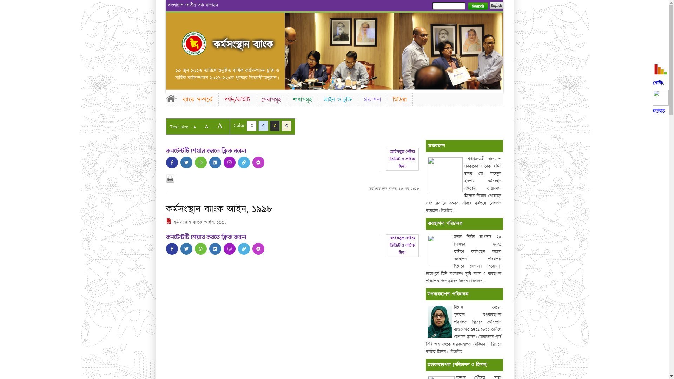 The image size is (674, 379). I want to click on 'A', so click(219, 125).